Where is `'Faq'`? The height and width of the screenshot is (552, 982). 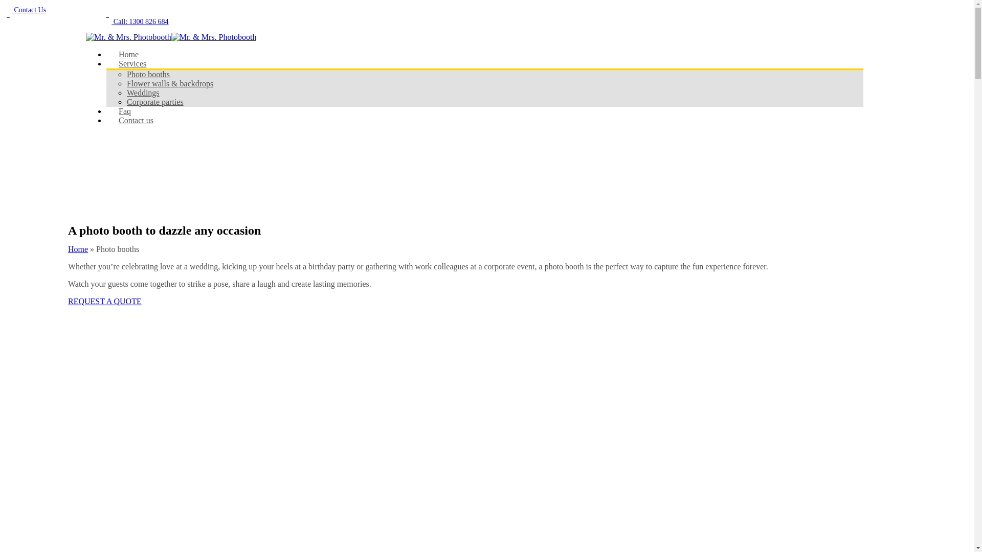
'Faq' is located at coordinates (106, 111).